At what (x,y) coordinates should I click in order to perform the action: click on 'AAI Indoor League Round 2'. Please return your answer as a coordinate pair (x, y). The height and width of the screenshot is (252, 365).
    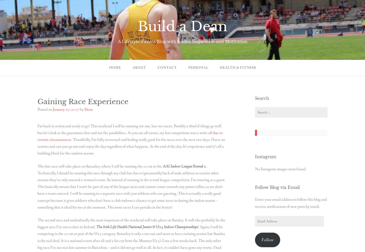
    Looking at the image, I should click on (184, 166).